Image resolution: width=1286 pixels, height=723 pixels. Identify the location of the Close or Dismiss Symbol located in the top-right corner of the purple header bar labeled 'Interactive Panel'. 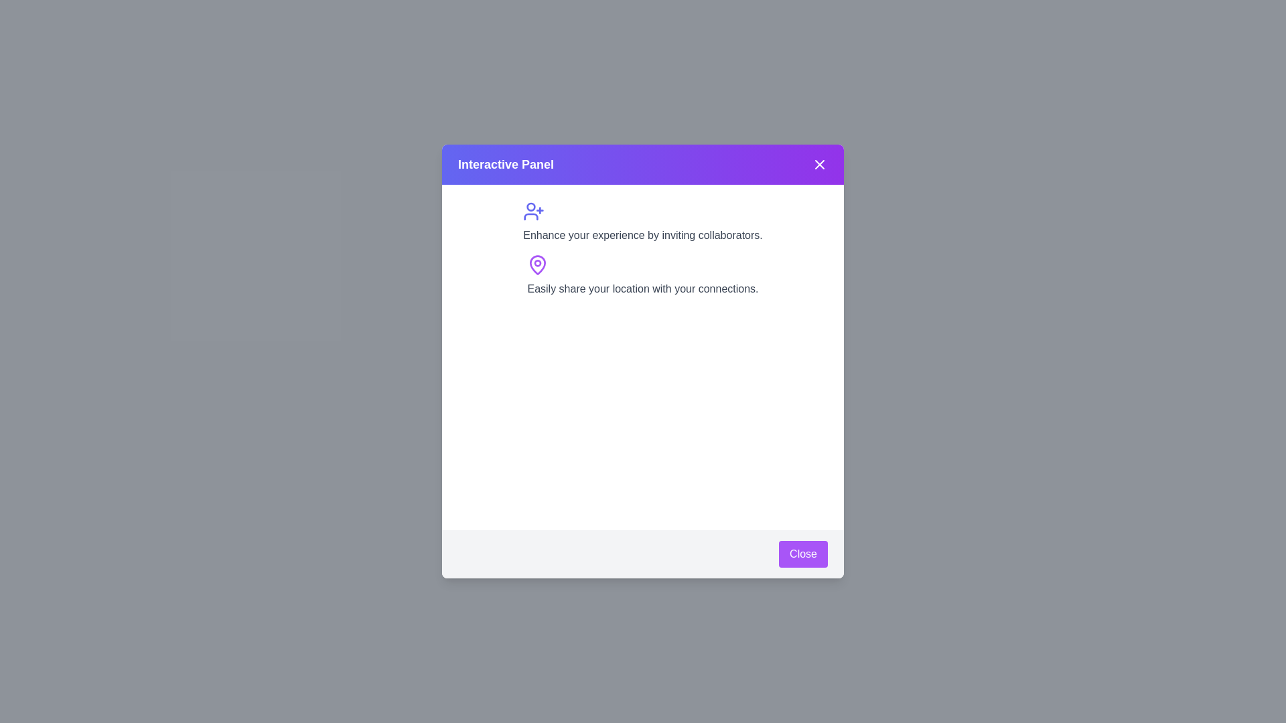
(819, 164).